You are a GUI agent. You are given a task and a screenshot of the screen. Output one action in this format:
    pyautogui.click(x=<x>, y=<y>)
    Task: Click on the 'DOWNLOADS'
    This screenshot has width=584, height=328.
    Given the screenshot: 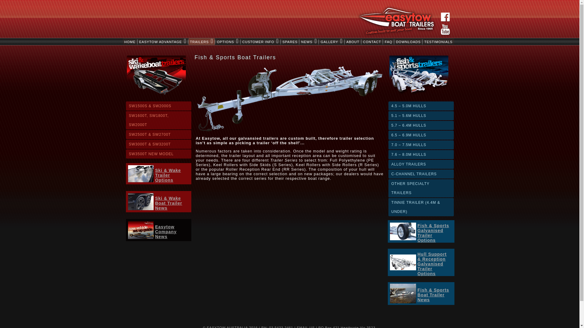 What is the action you would take?
    pyautogui.click(x=394, y=41)
    